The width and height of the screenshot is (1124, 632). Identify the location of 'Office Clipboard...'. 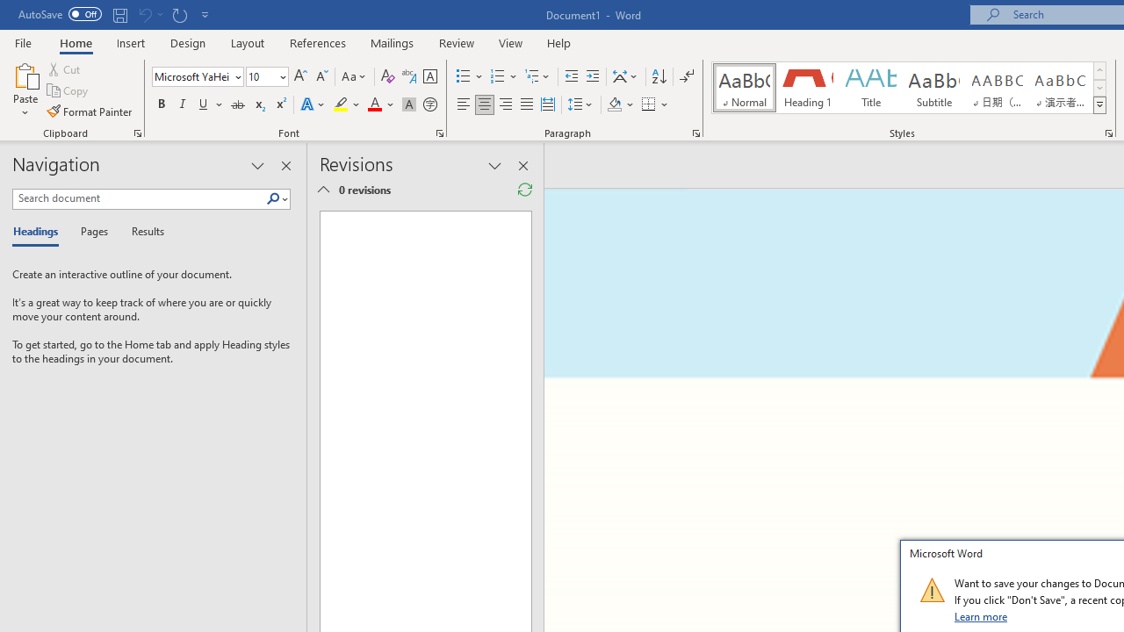
(136, 132).